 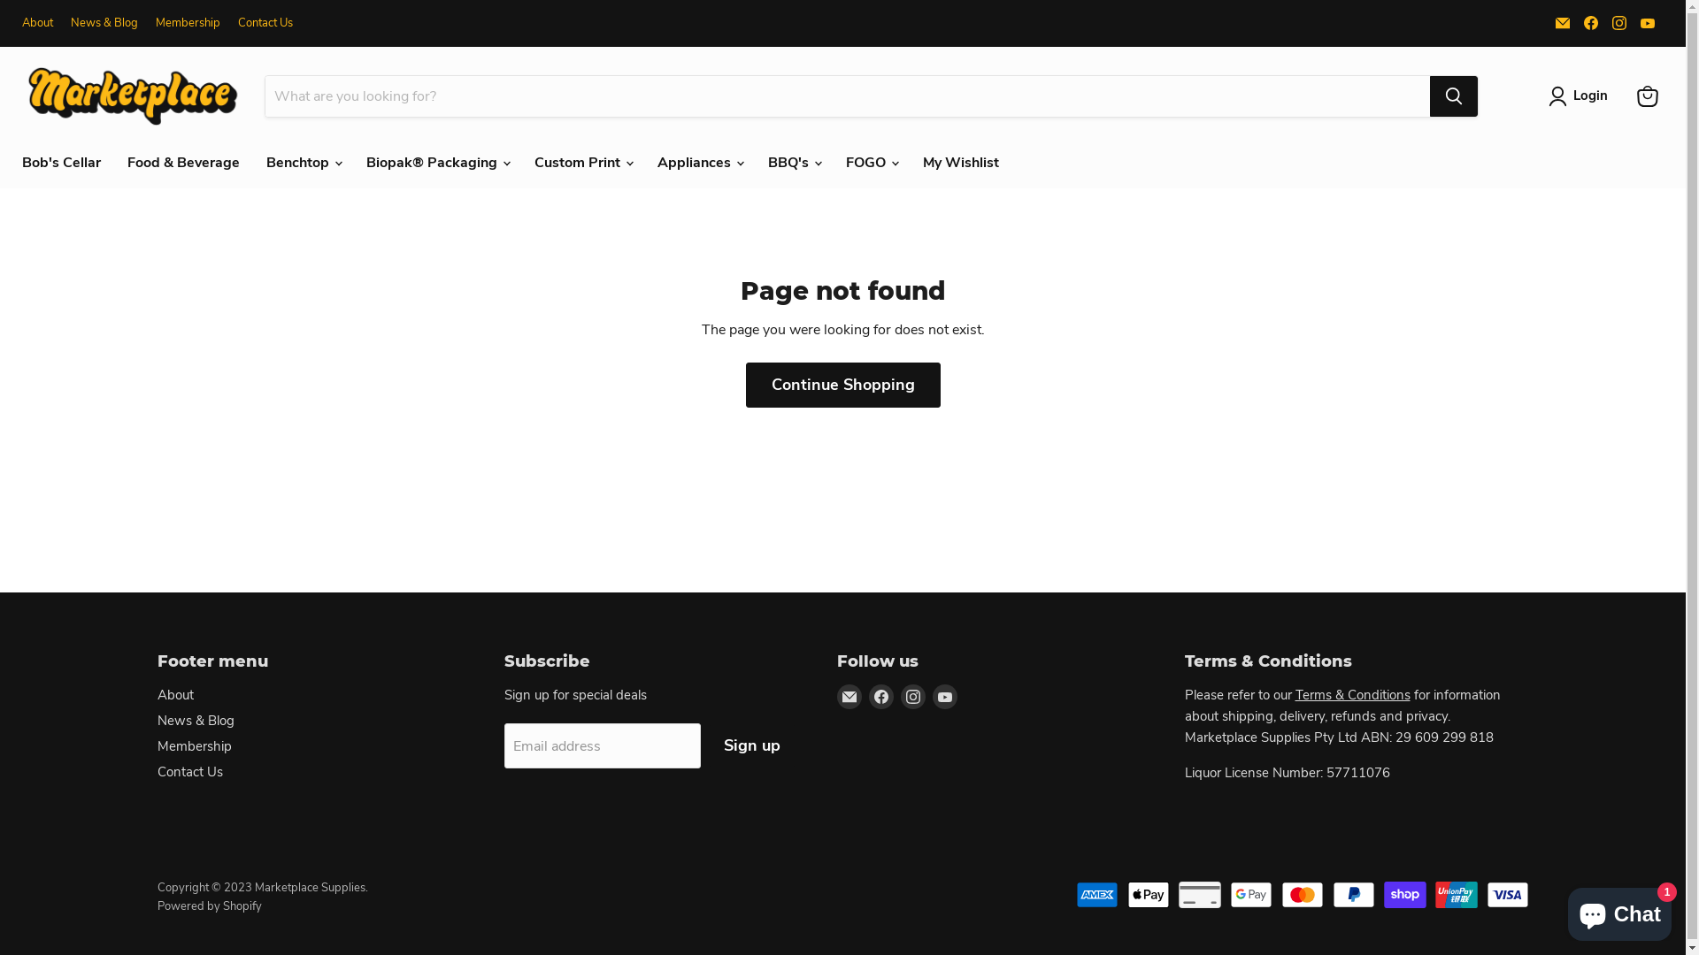 I want to click on 'View cart', so click(x=1647, y=95).